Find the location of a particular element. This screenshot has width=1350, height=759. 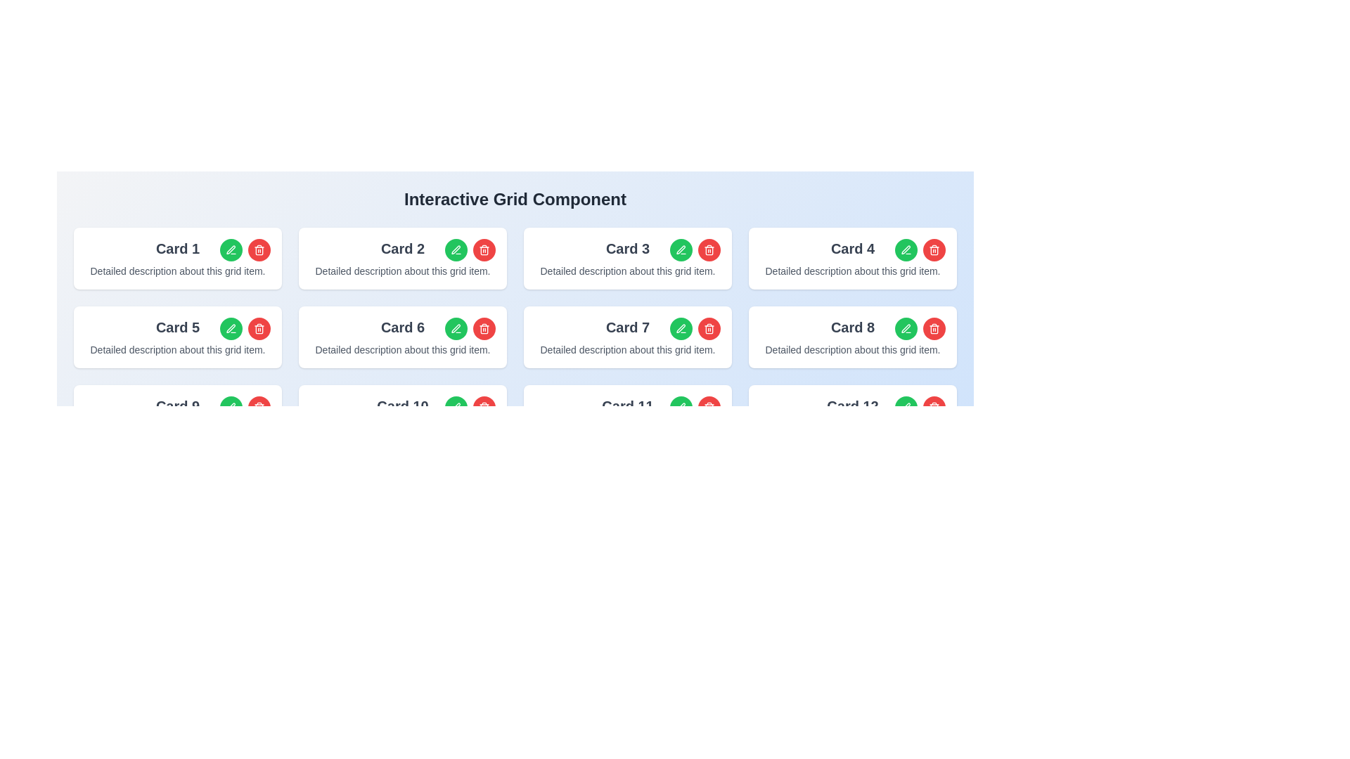

the button located in the upper-right corner of 'Card 4' is located at coordinates (906, 249).